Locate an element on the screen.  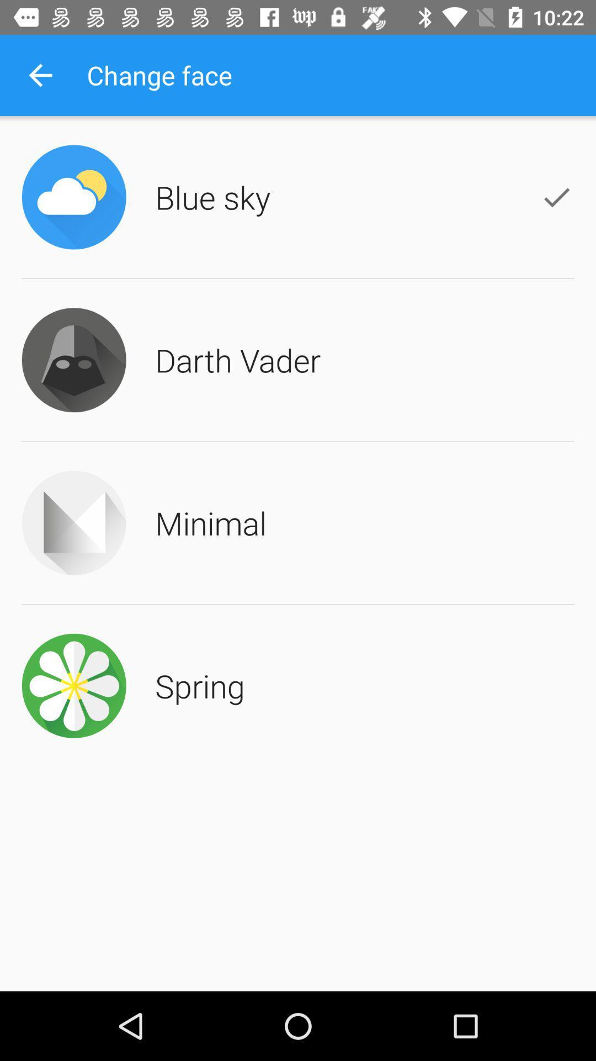
the darth vader icon is located at coordinates (237, 360).